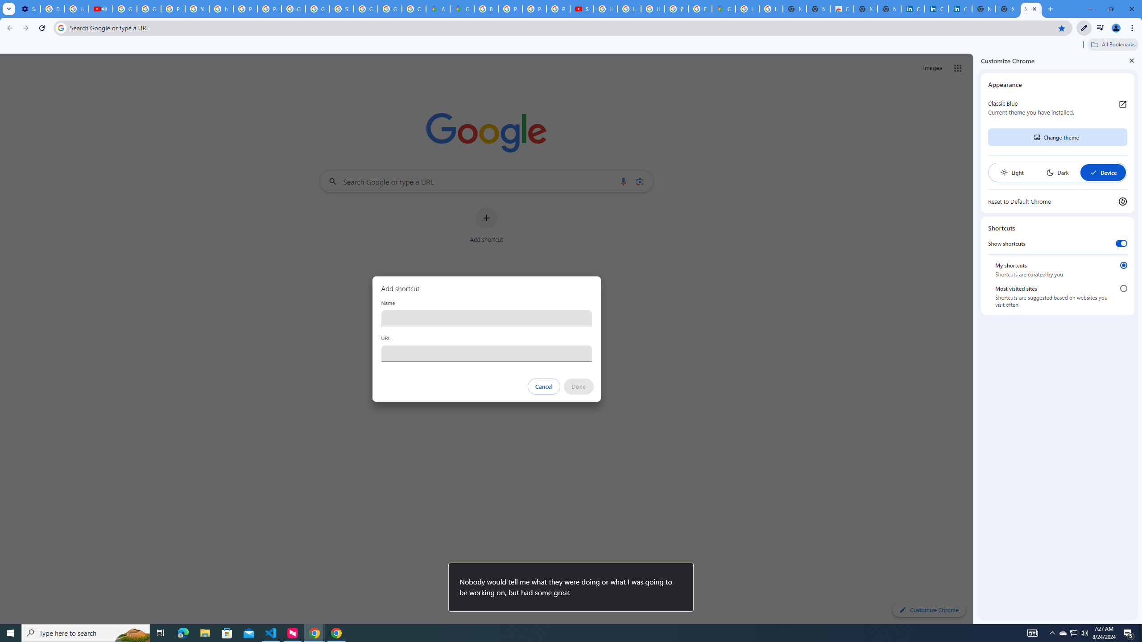 This screenshot has width=1142, height=642. I want to click on 'All Bookmarks', so click(1113, 44).